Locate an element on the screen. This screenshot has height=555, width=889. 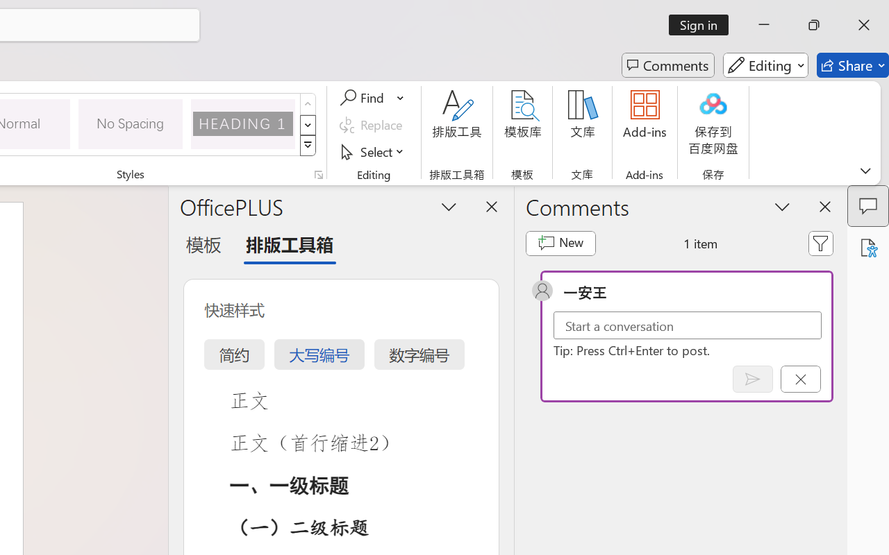
'Editing' is located at coordinates (765, 65).